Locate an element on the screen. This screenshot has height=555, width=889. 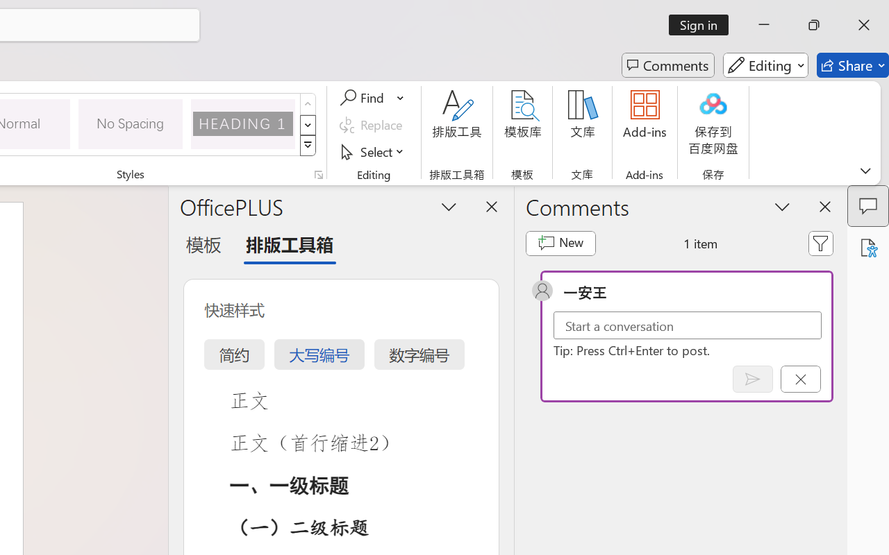
'Editing' is located at coordinates (765, 65).